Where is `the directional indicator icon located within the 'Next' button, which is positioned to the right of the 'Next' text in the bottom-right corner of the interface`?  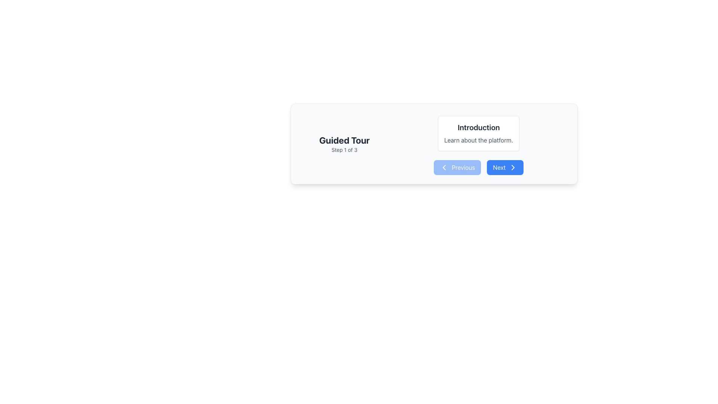 the directional indicator icon located within the 'Next' button, which is positioned to the right of the 'Next' text in the bottom-right corner of the interface is located at coordinates (513, 167).